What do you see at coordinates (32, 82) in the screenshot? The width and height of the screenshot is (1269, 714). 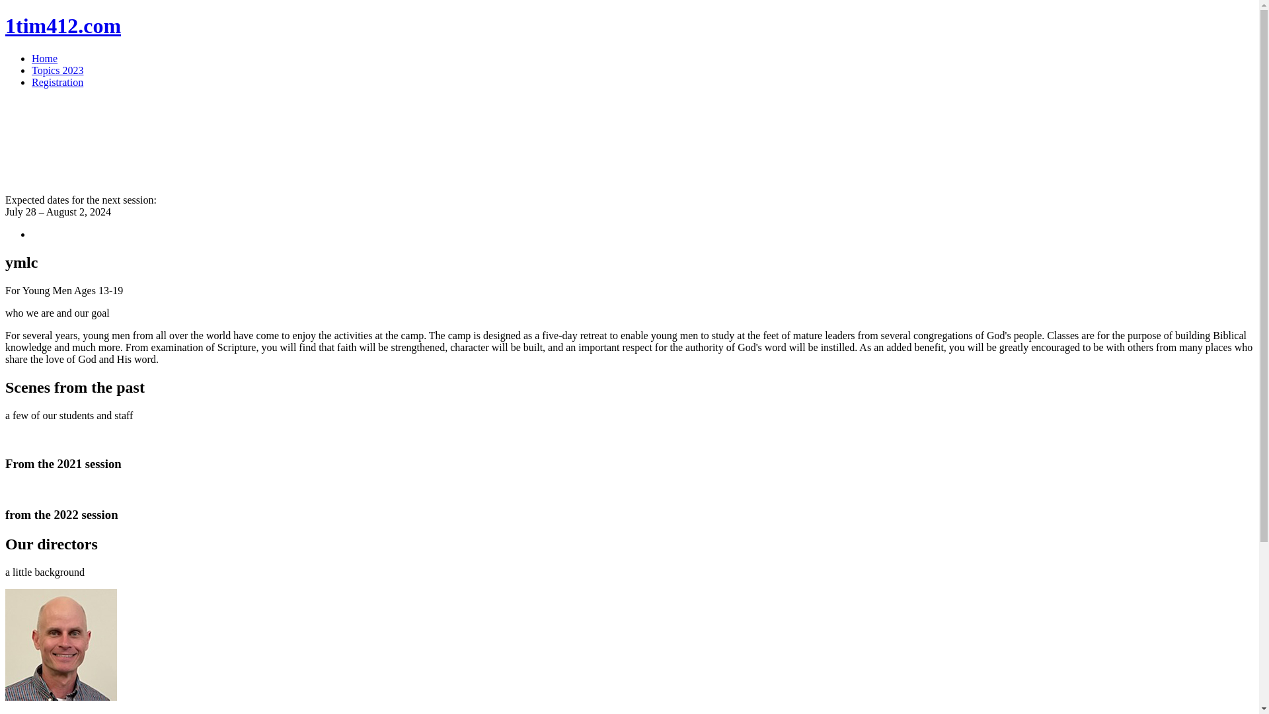 I see `'Registration'` at bounding box center [32, 82].